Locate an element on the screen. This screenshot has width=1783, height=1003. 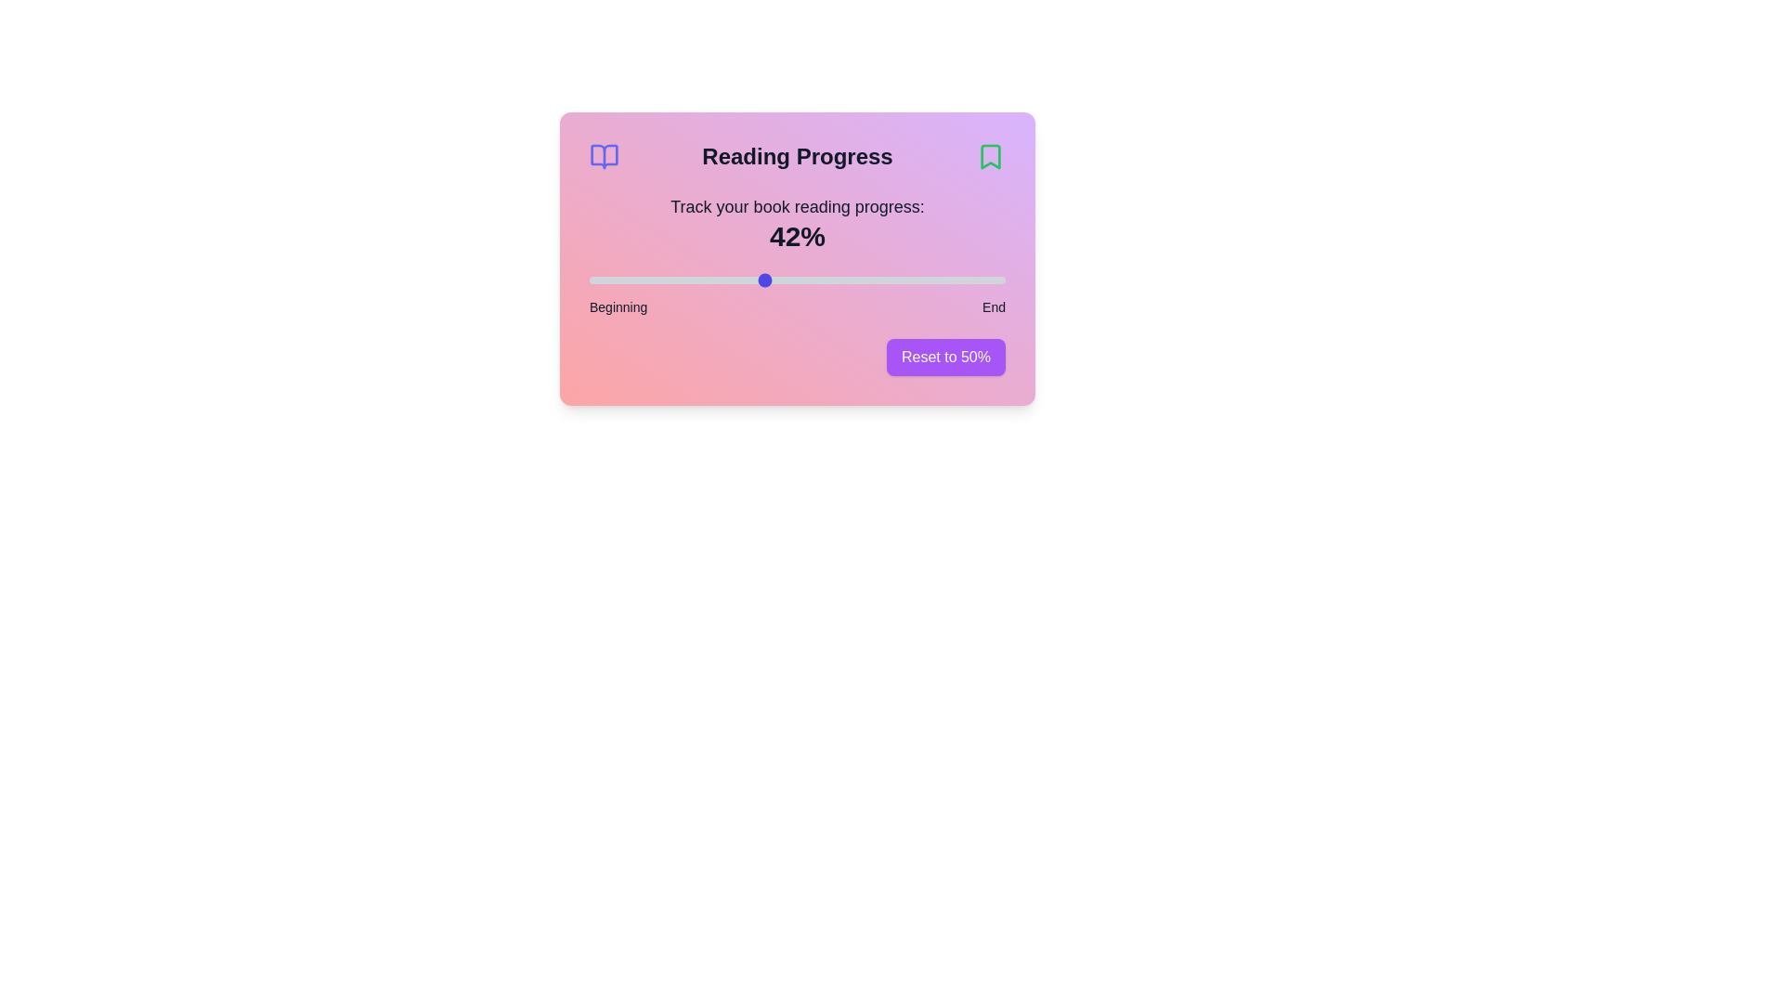
the reading progress slider to 67% is located at coordinates (867, 280).